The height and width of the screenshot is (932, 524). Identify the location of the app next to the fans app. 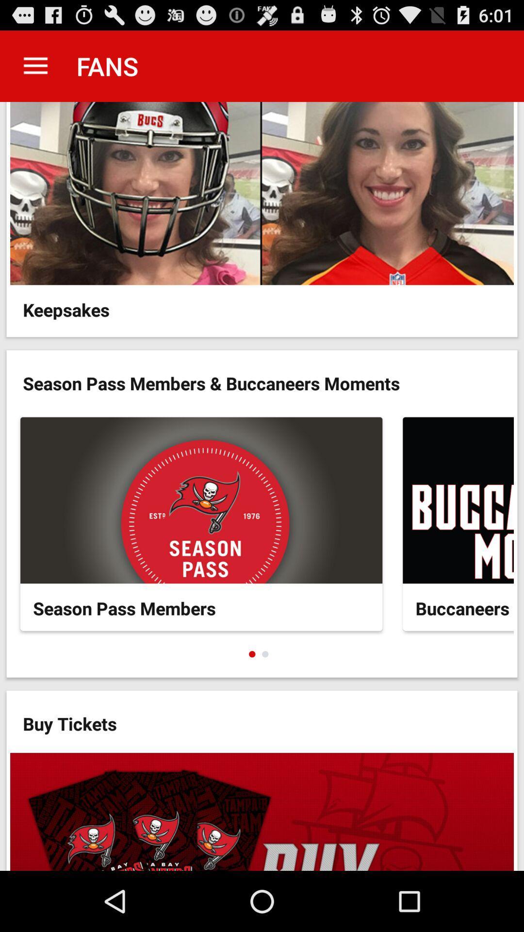
(35, 66).